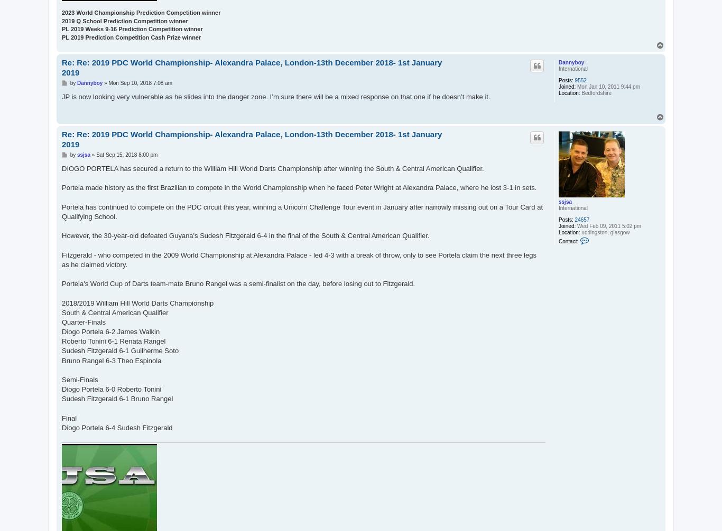 The height and width of the screenshot is (531, 722). Describe the element at coordinates (608, 86) in the screenshot. I see `'Mon Jan 10, 2011 9:44 pm'` at that location.